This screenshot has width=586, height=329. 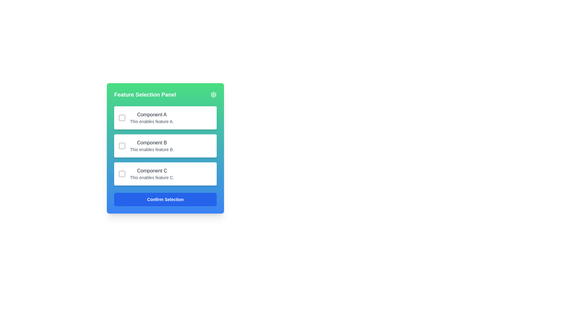 What do you see at coordinates (152, 174) in the screenshot?
I see `the text label displaying 'Component C' which provides information about feature C in the Feature Selection Panel` at bounding box center [152, 174].